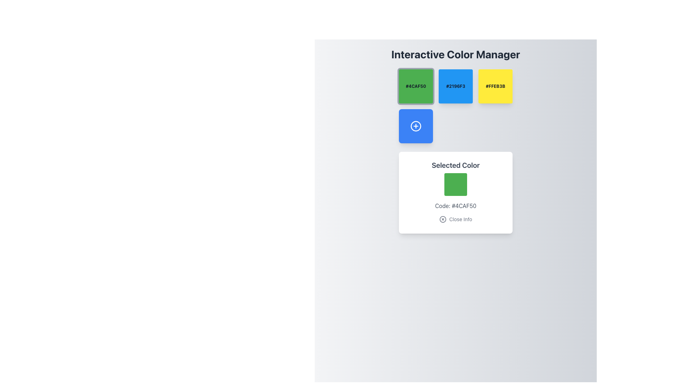  Describe the element at coordinates (416, 126) in the screenshot. I see `the interactive button located` at that location.